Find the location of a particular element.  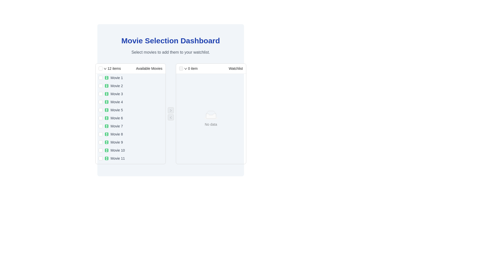

the decorative rectangle element within the SVG graphic of the filmstrip icon located next to the label 'Movie 6' is located at coordinates (106, 118).